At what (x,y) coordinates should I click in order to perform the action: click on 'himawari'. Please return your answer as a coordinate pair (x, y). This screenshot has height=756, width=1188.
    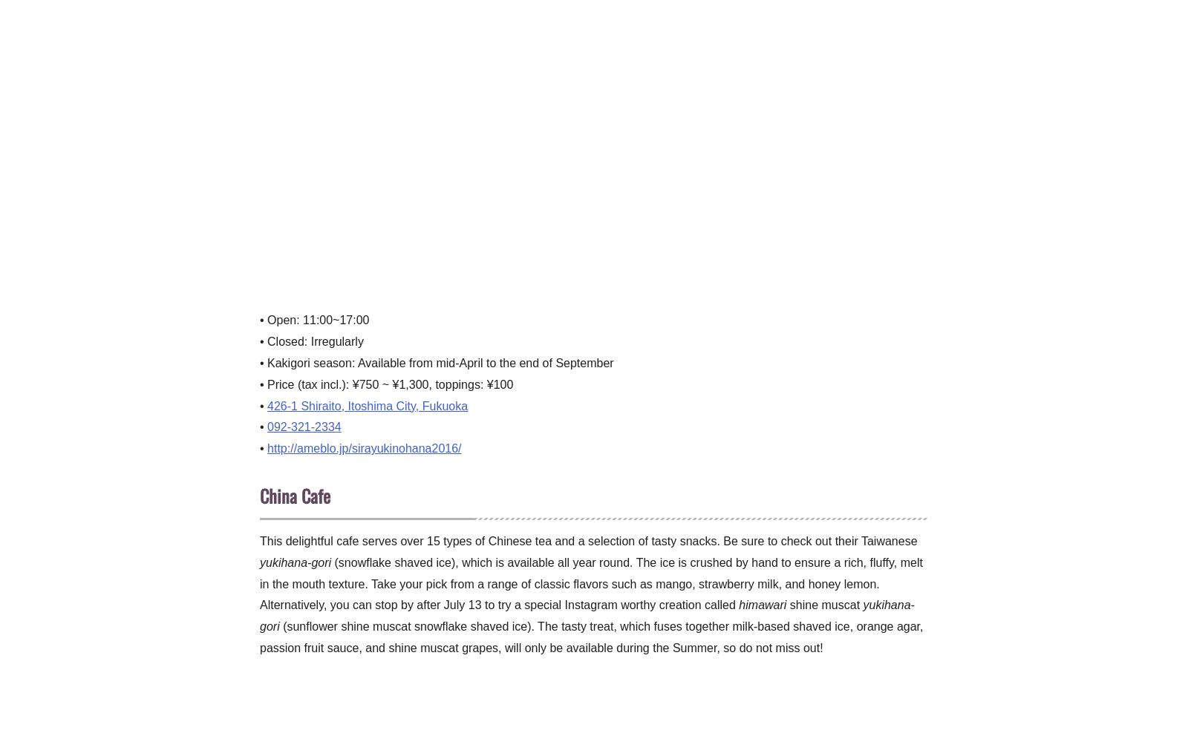
    Looking at the image, I should click on (763, 605).